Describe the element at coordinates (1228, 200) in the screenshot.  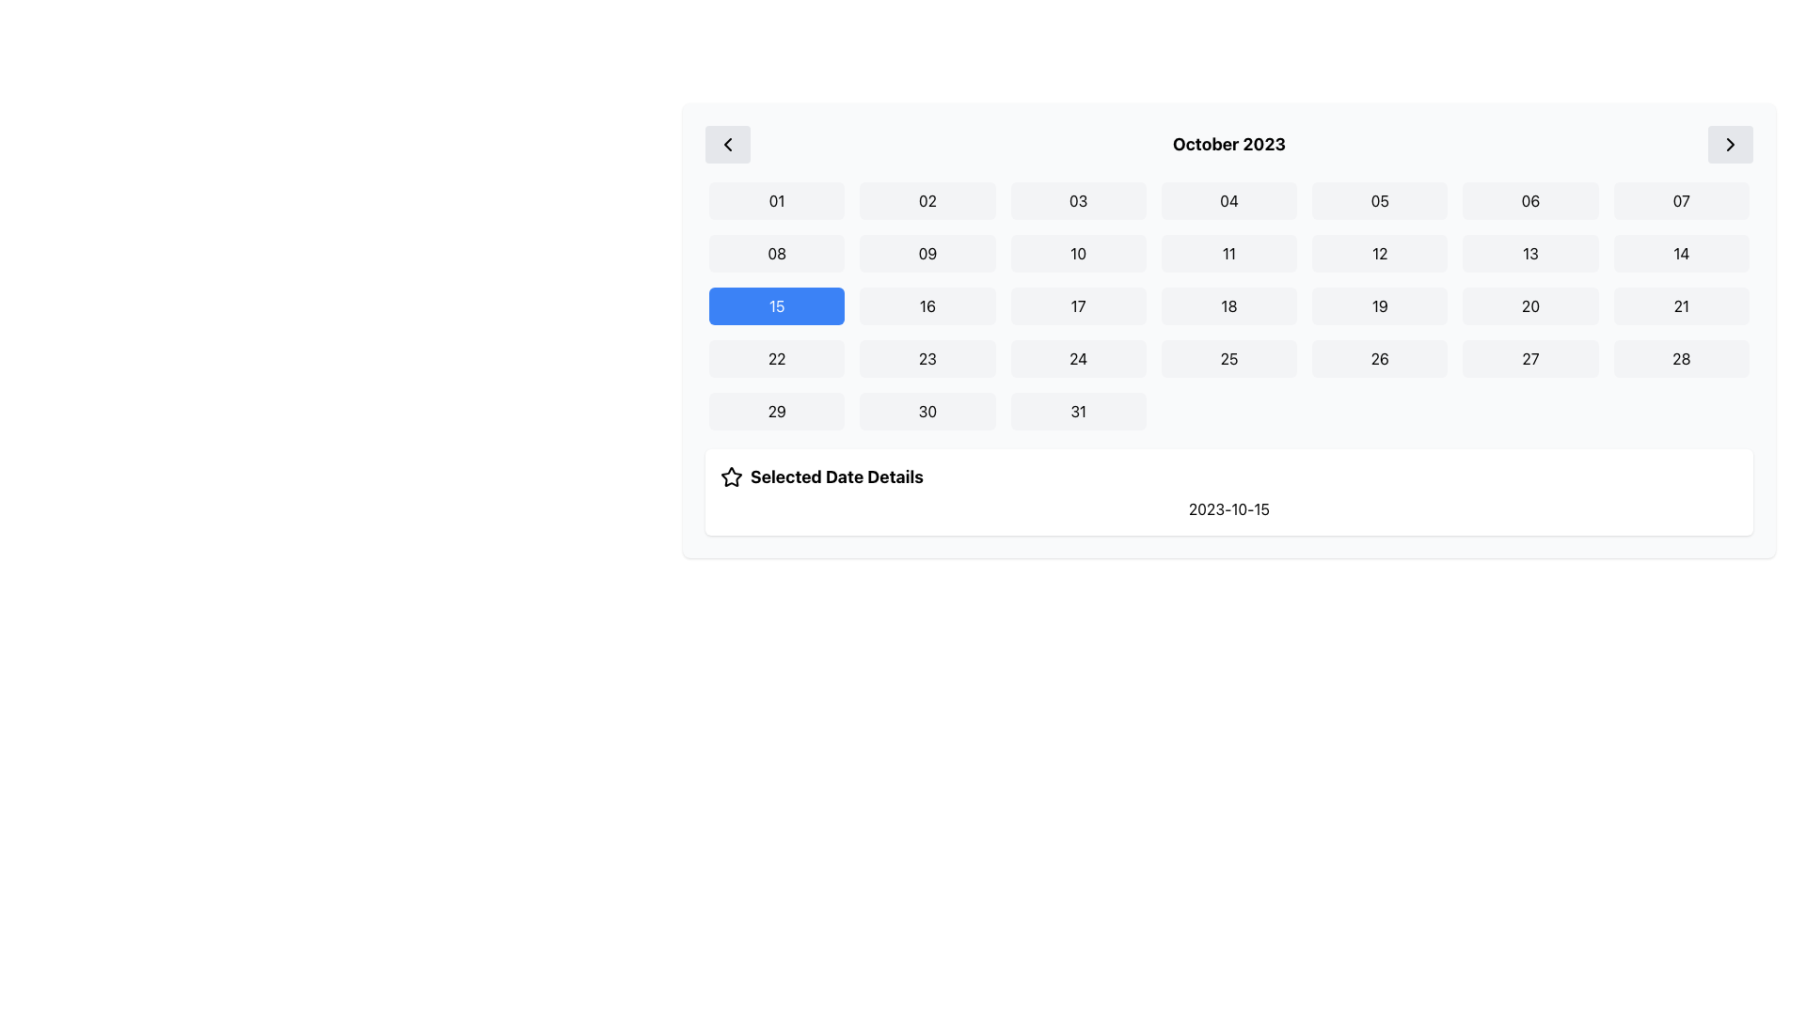
I see `the rectangular button labeled '04' with a light gray background and rounded corners` at that location.